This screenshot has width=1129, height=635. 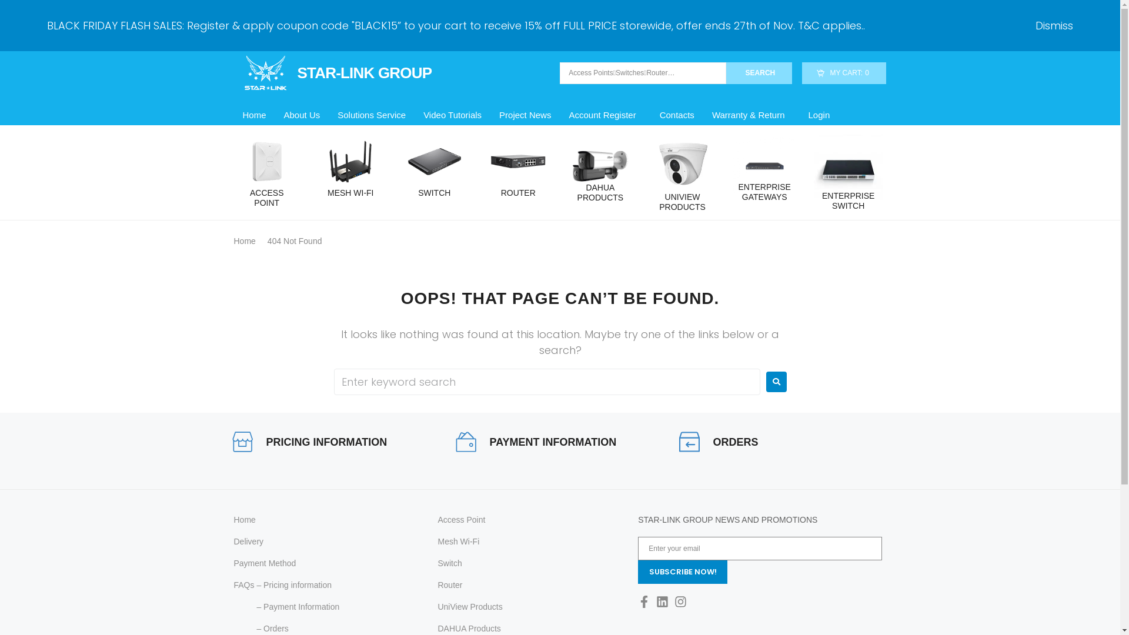 I want to click on 'Project News', so click(x=524, y=115).